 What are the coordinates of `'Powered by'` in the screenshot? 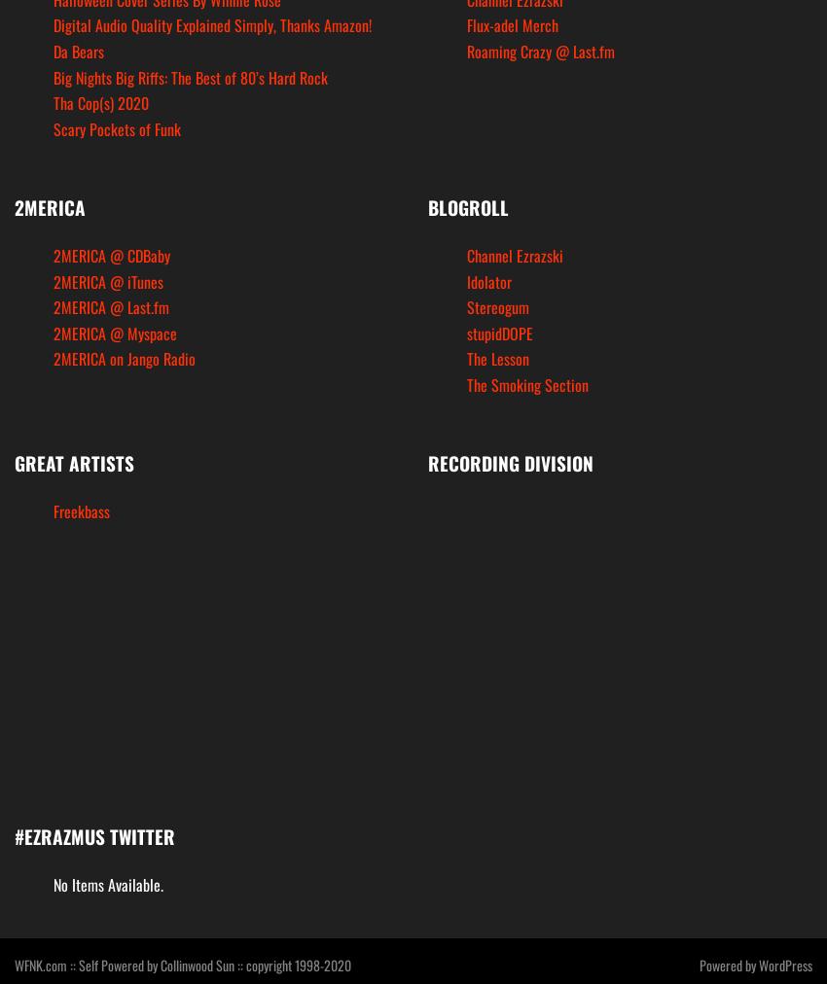 It's located at (729, 964).